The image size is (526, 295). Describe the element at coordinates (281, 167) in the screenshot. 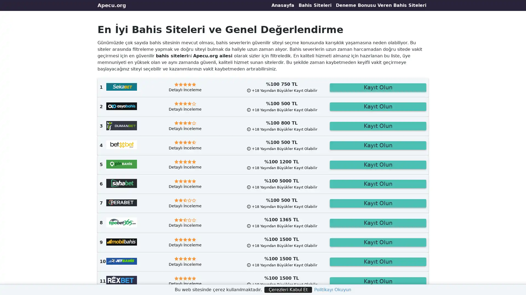

I see `Load terms and conditions` at that location.